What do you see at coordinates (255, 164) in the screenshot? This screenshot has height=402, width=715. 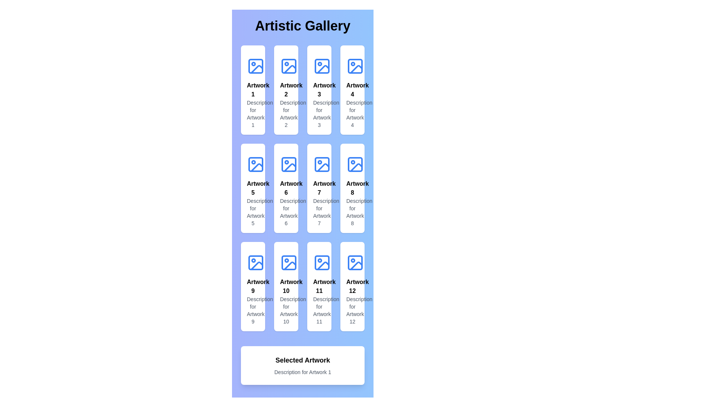 I see `the icon in the fifth slot of the grid under 'Artistic Gallery' labeled 'Artwork 5'` at bounding box center [255, 164].